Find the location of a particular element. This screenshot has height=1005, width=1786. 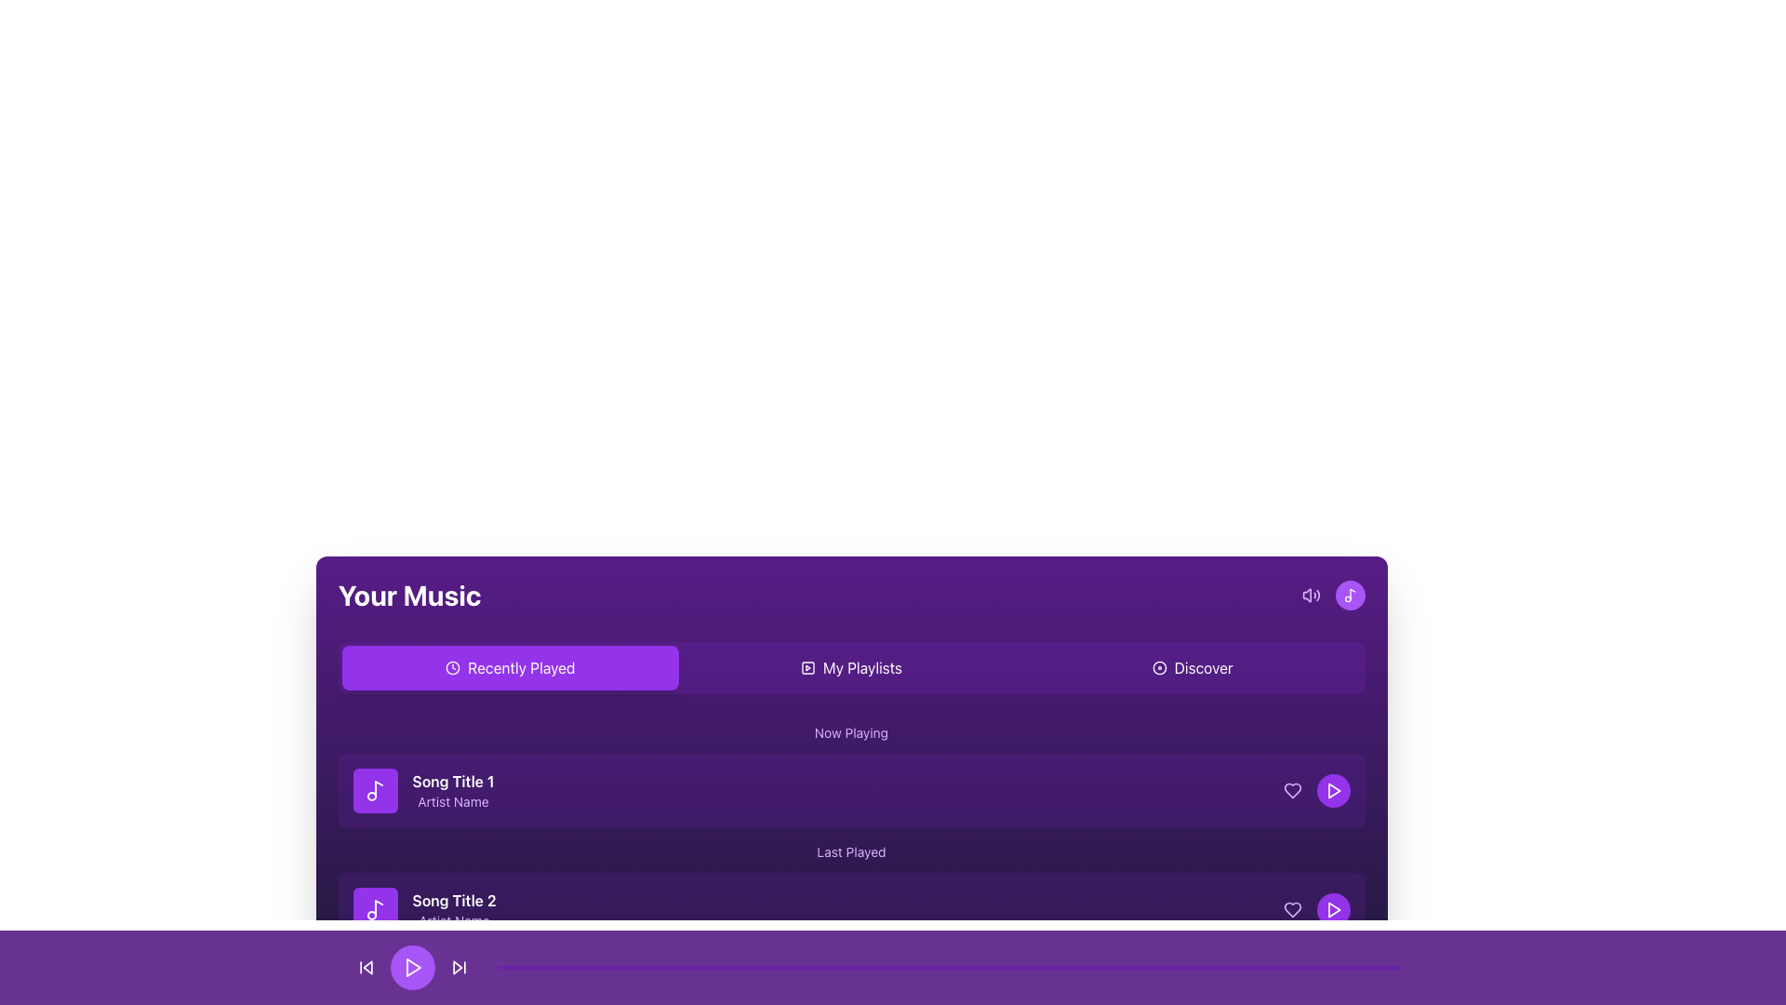

the heart-shaped icon button styled with purple tones to change its color, which is the first icon in a horizontal group next to a play button is located at coordinates (1291, 790).